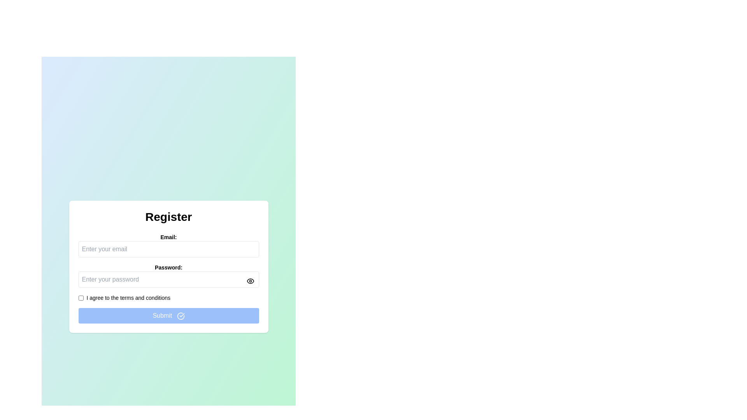 This screenshot has height=420, width=747. What do you see at coordinates (168, 316) in the screenshot?
I see `the 'Submit' button, which is a rectangular button with a blue background and white text, located at the bottom of the registration form` at bounding box center [168, 316].